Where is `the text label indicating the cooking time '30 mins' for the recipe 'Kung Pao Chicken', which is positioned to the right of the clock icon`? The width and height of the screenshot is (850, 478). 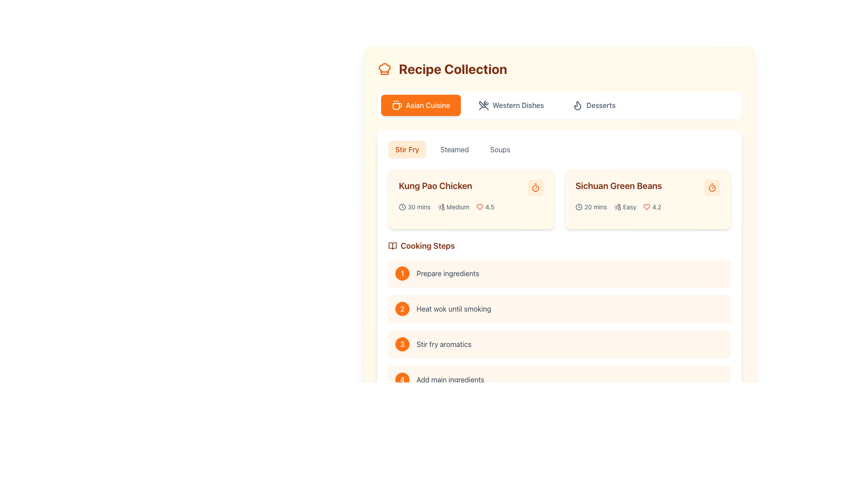 the text label indicating the cooking time '30 mins' for the recipe 'Kung Pao Chicken', which is positioned to the right of the clock icon is located at coordinates (418, 207).